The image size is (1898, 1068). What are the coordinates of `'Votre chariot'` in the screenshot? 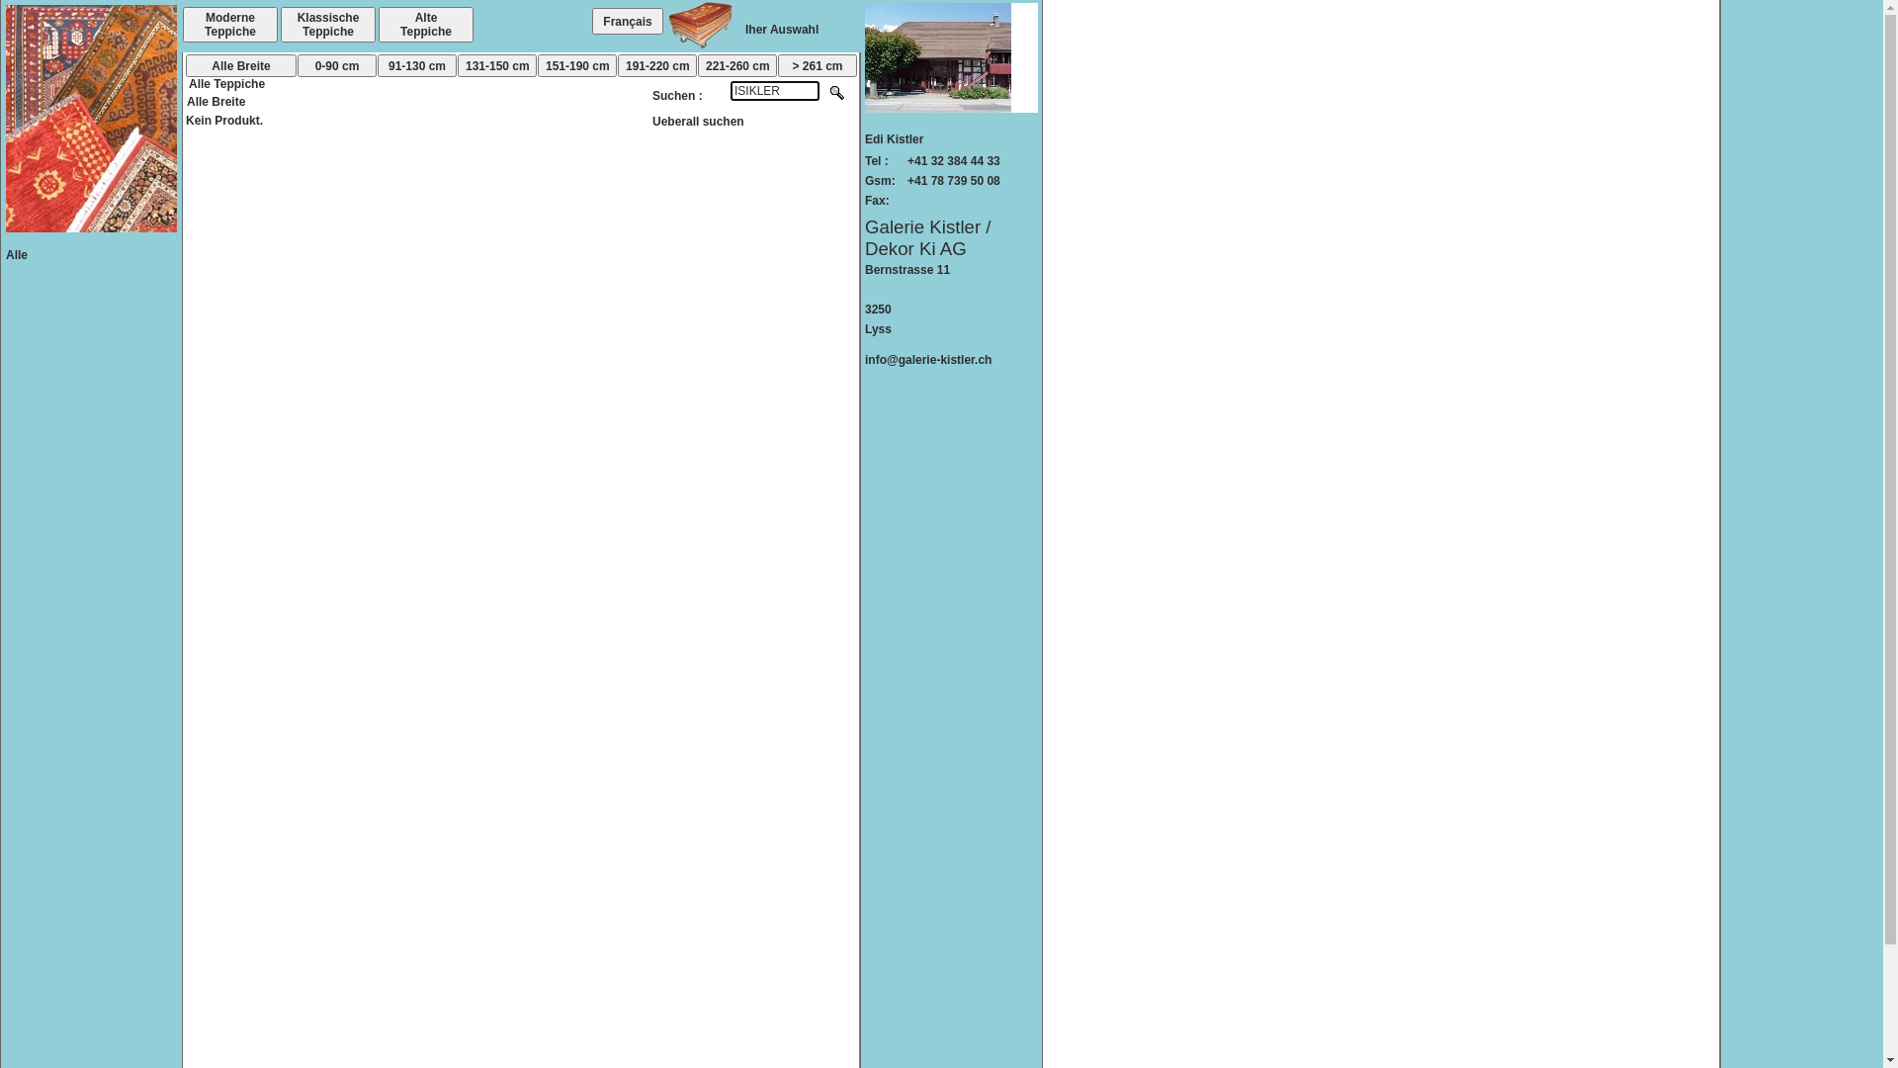 It's located at (701, 44).